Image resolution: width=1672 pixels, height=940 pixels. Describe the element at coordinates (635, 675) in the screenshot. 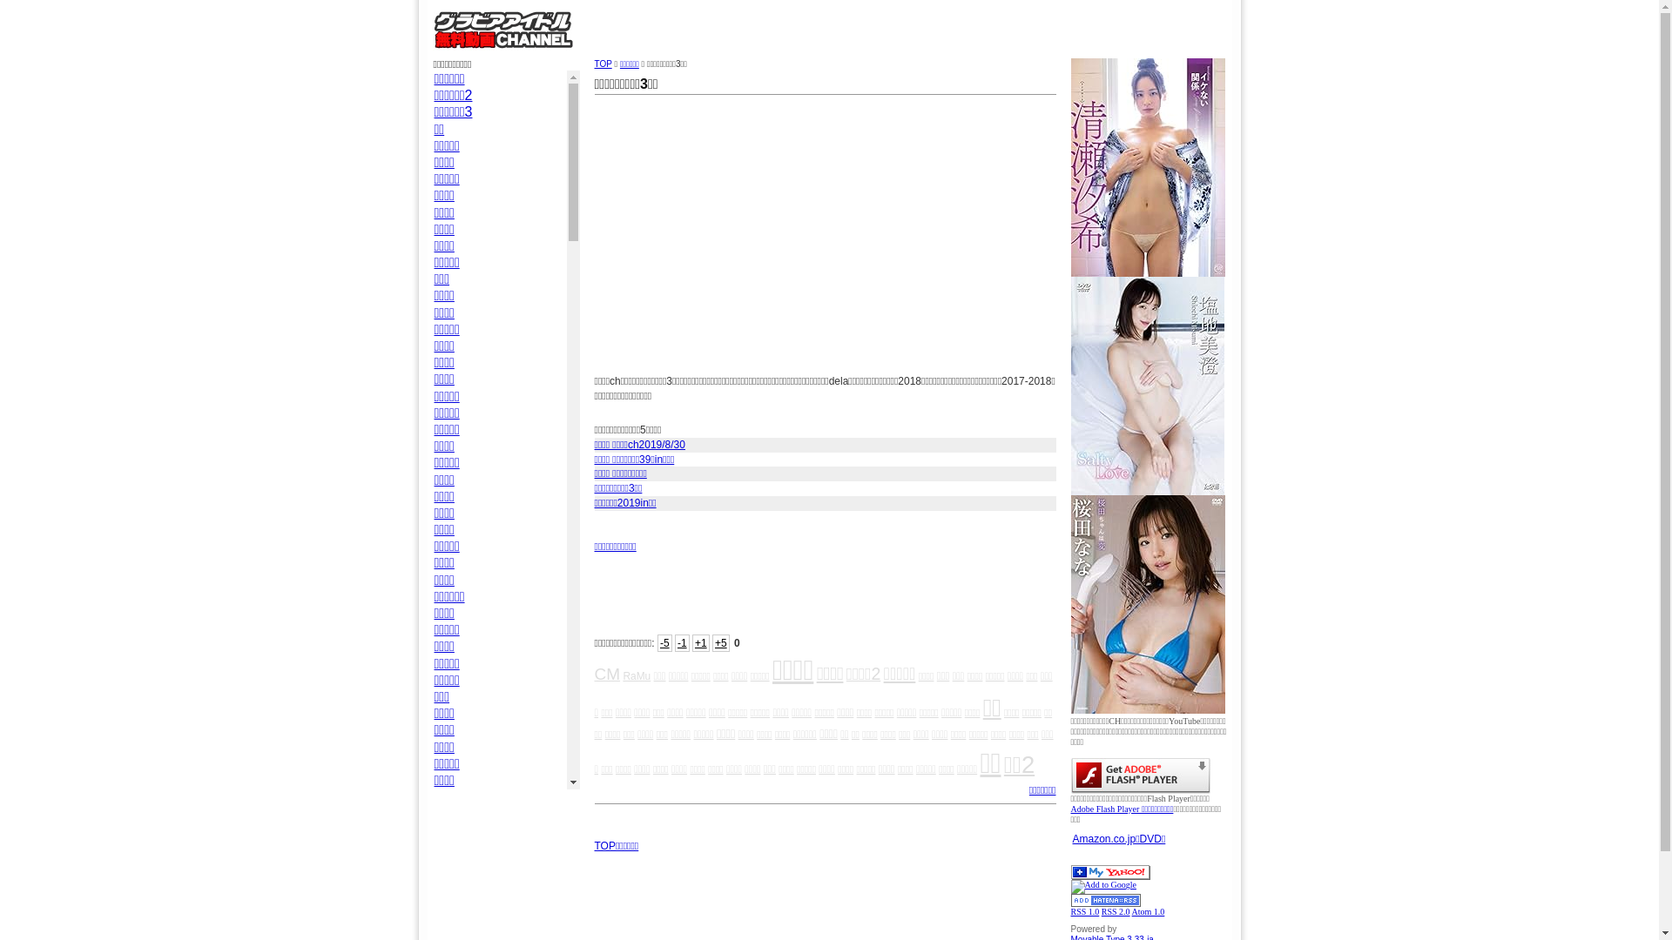

I see `'RaMu'` at that location.